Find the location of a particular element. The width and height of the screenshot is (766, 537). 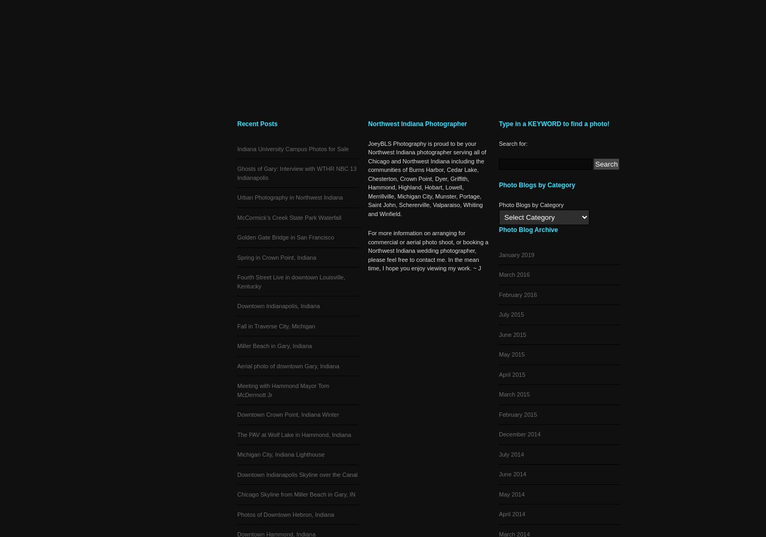

'Urban Photography in Northwest Indiana' is located at coordinates (290, 197).